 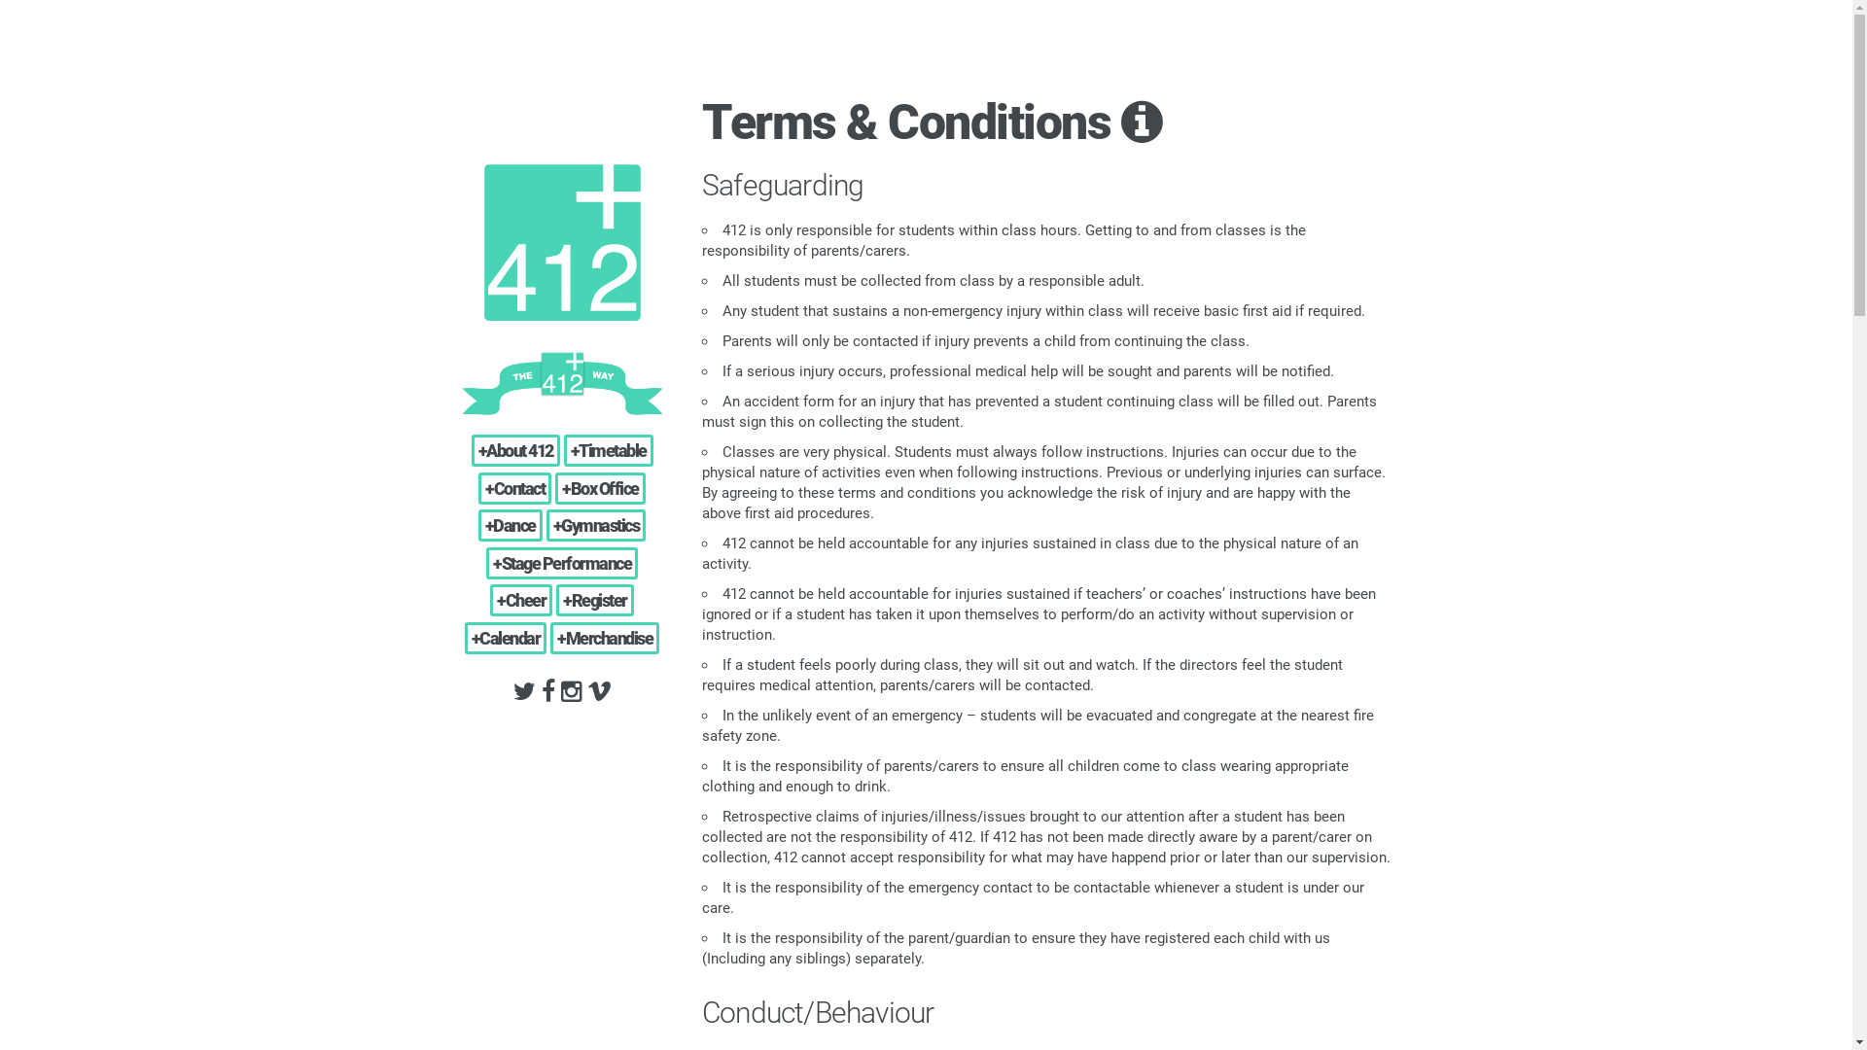 What do you see at coordinates (480, 241) in the screenshot?
I see `'Home'` at bounding box center [480, 241].